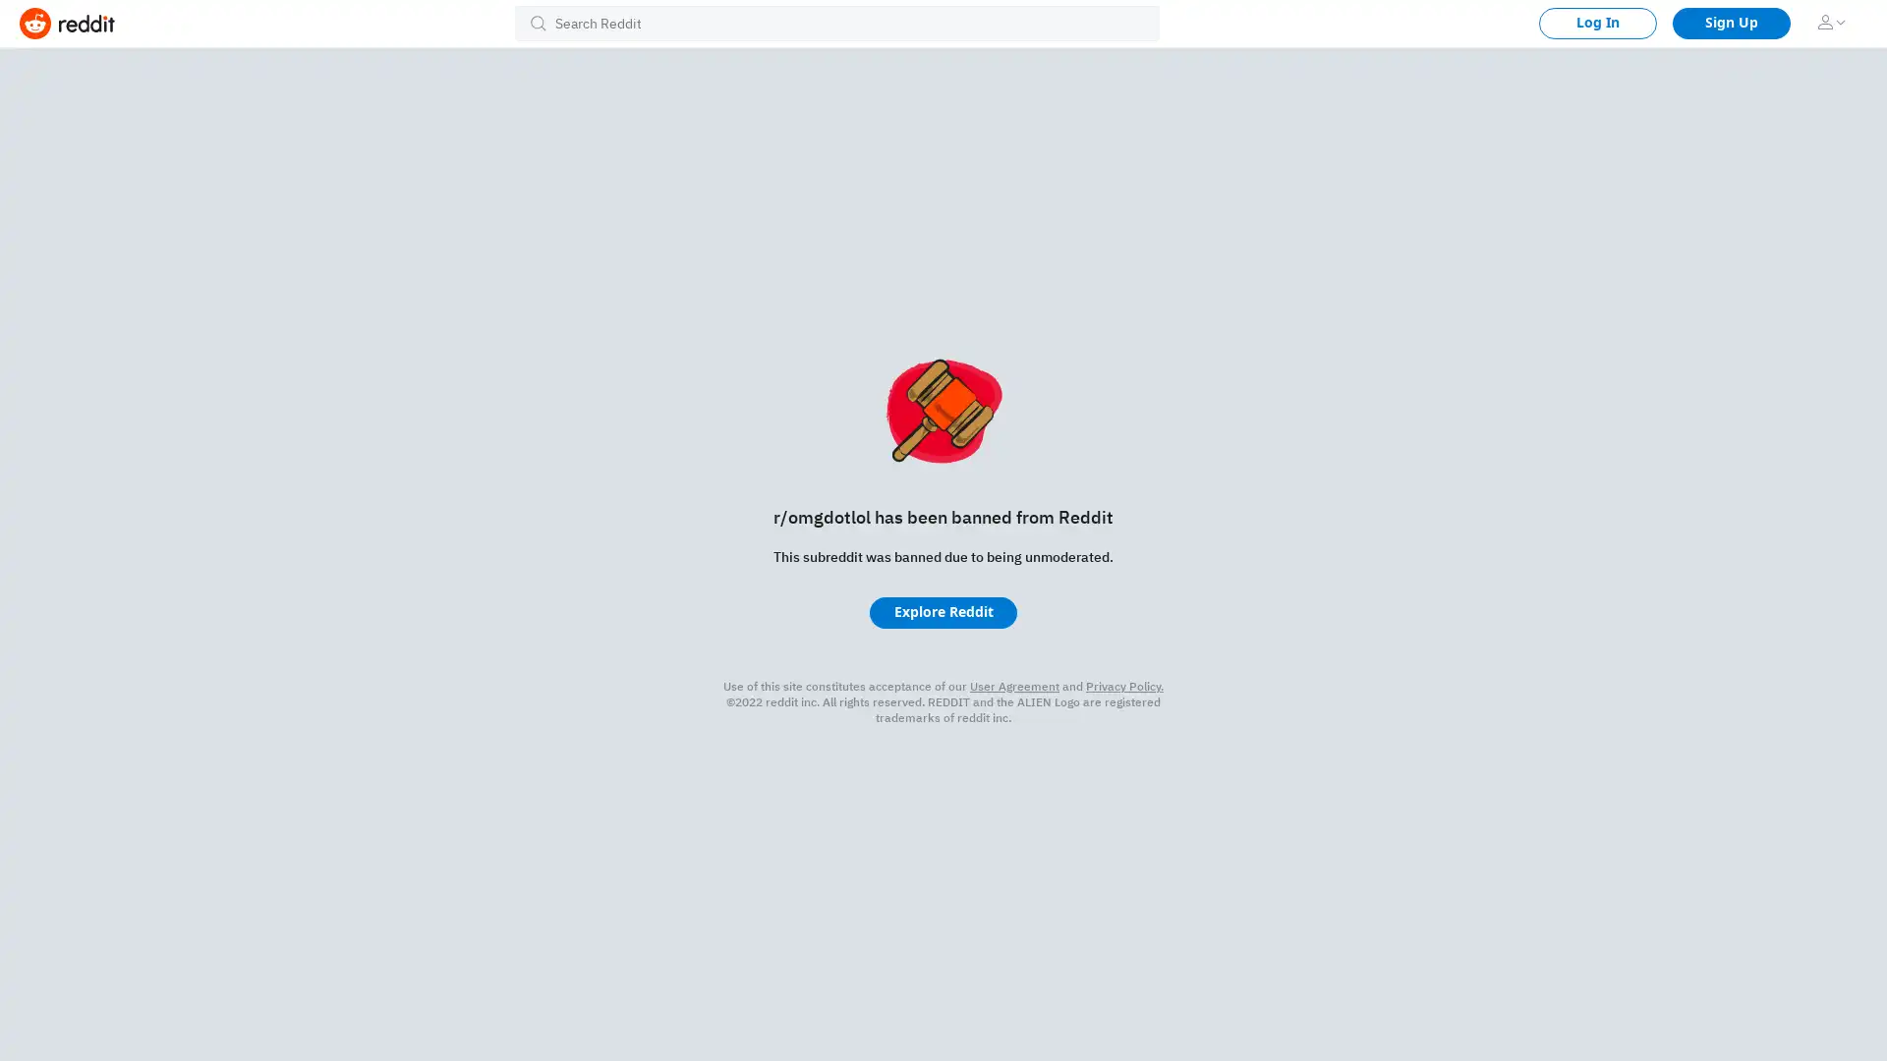  What do you see at coordinates (1731, 23) in the screenshot?
I see `Sign Up` at bounding box center [1731, 23].